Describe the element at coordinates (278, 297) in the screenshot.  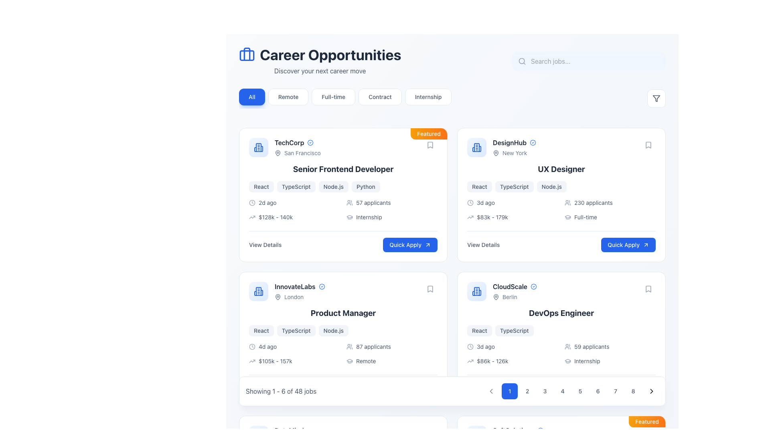
I see `the map pin icon associated with the job listing for 'Product Manager' by 'InnovateLabs', located next to the text 'London'` at that location.